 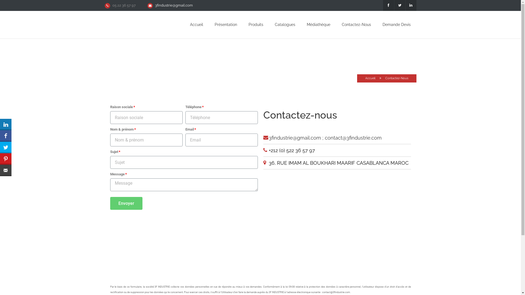 What do you see at coordinates (396, 24) in the screenshot?
I see `'Demande Devis'` at bounding box center [396, 24].